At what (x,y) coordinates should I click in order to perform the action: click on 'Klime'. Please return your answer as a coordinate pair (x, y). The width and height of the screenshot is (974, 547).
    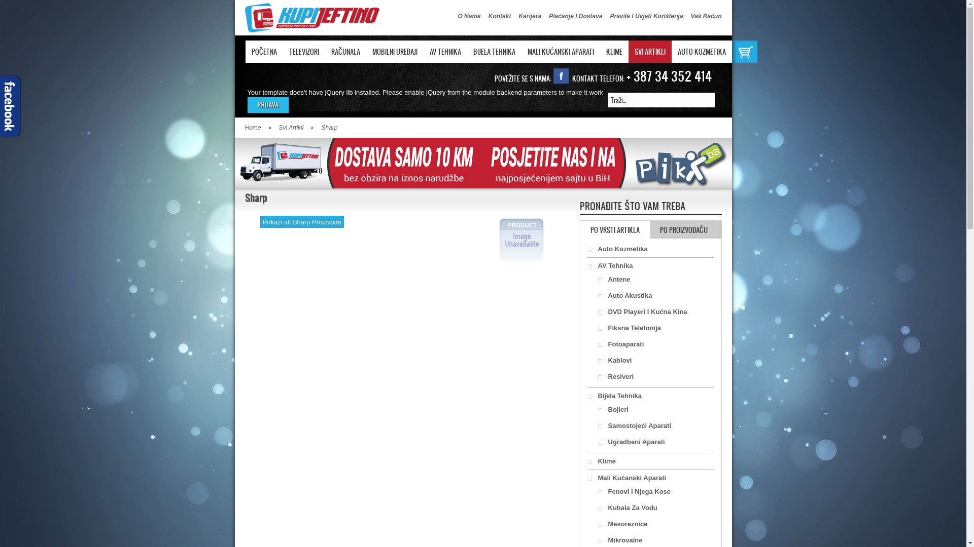
    Looking at the image, I should click on (652, 461).